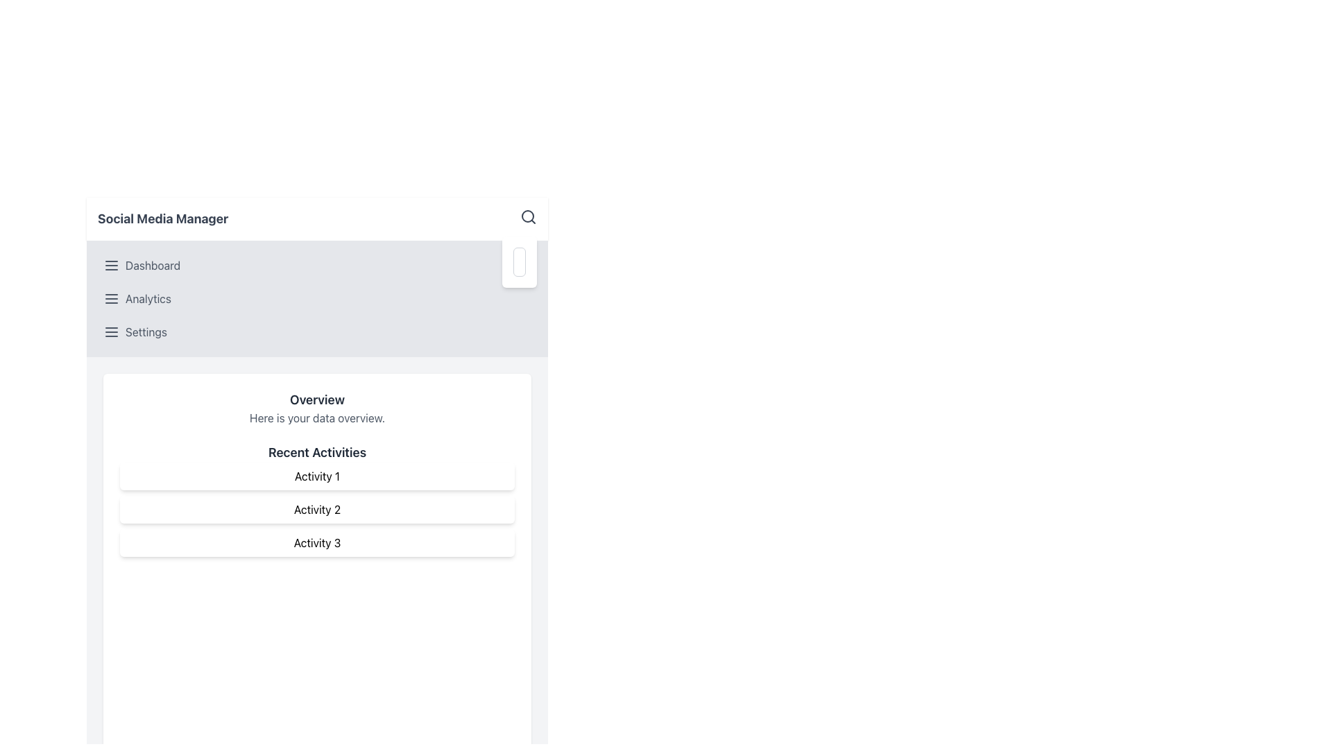 This screenshot has width=1332, height=749. I want to click on the Text Label indicating the title for the Recent Activities section, which is the first of three components, located centrally above 'Activity 2' and 'Activity 3', so click(316, 475).